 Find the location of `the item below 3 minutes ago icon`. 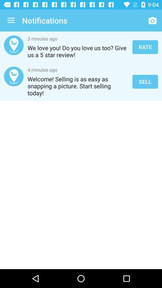

the item below 3 minutes ago icon is located at coordinates (78, 51).